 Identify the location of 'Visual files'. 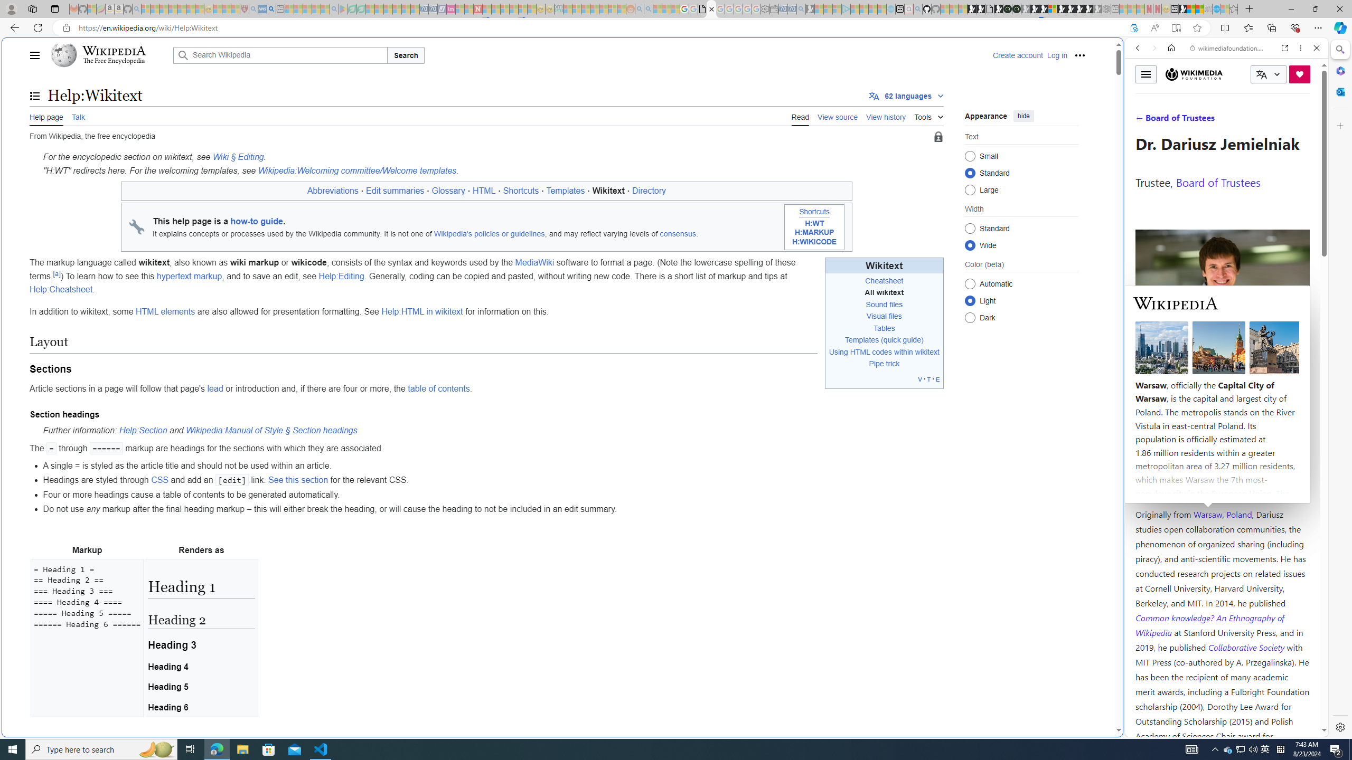
(884, 316).